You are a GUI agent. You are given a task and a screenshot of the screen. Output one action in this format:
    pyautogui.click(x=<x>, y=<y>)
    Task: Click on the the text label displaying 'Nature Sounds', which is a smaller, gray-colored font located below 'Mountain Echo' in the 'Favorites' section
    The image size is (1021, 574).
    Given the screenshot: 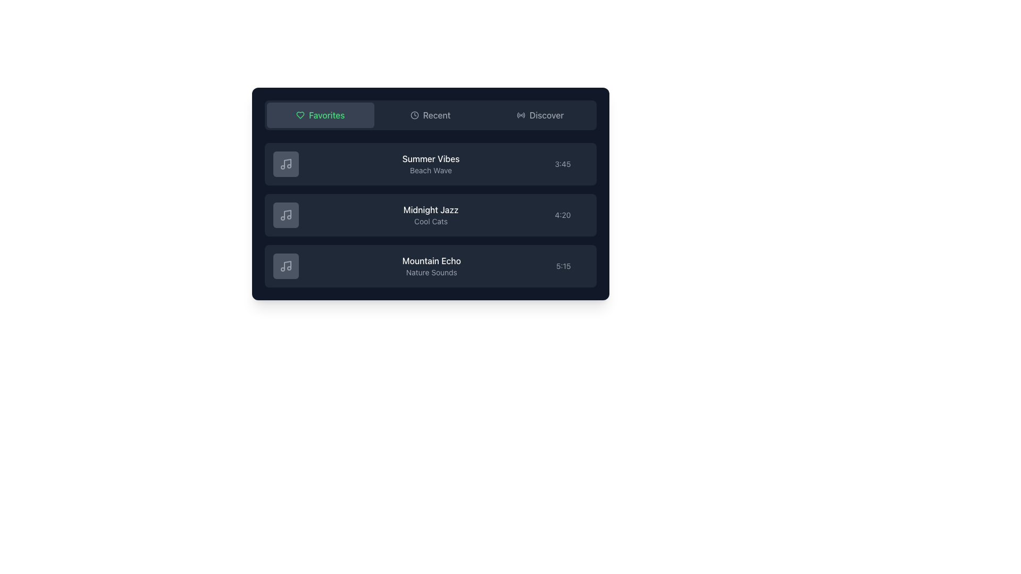 What is the action you would take?
    pyautogui.click(x=431, y=272)
    